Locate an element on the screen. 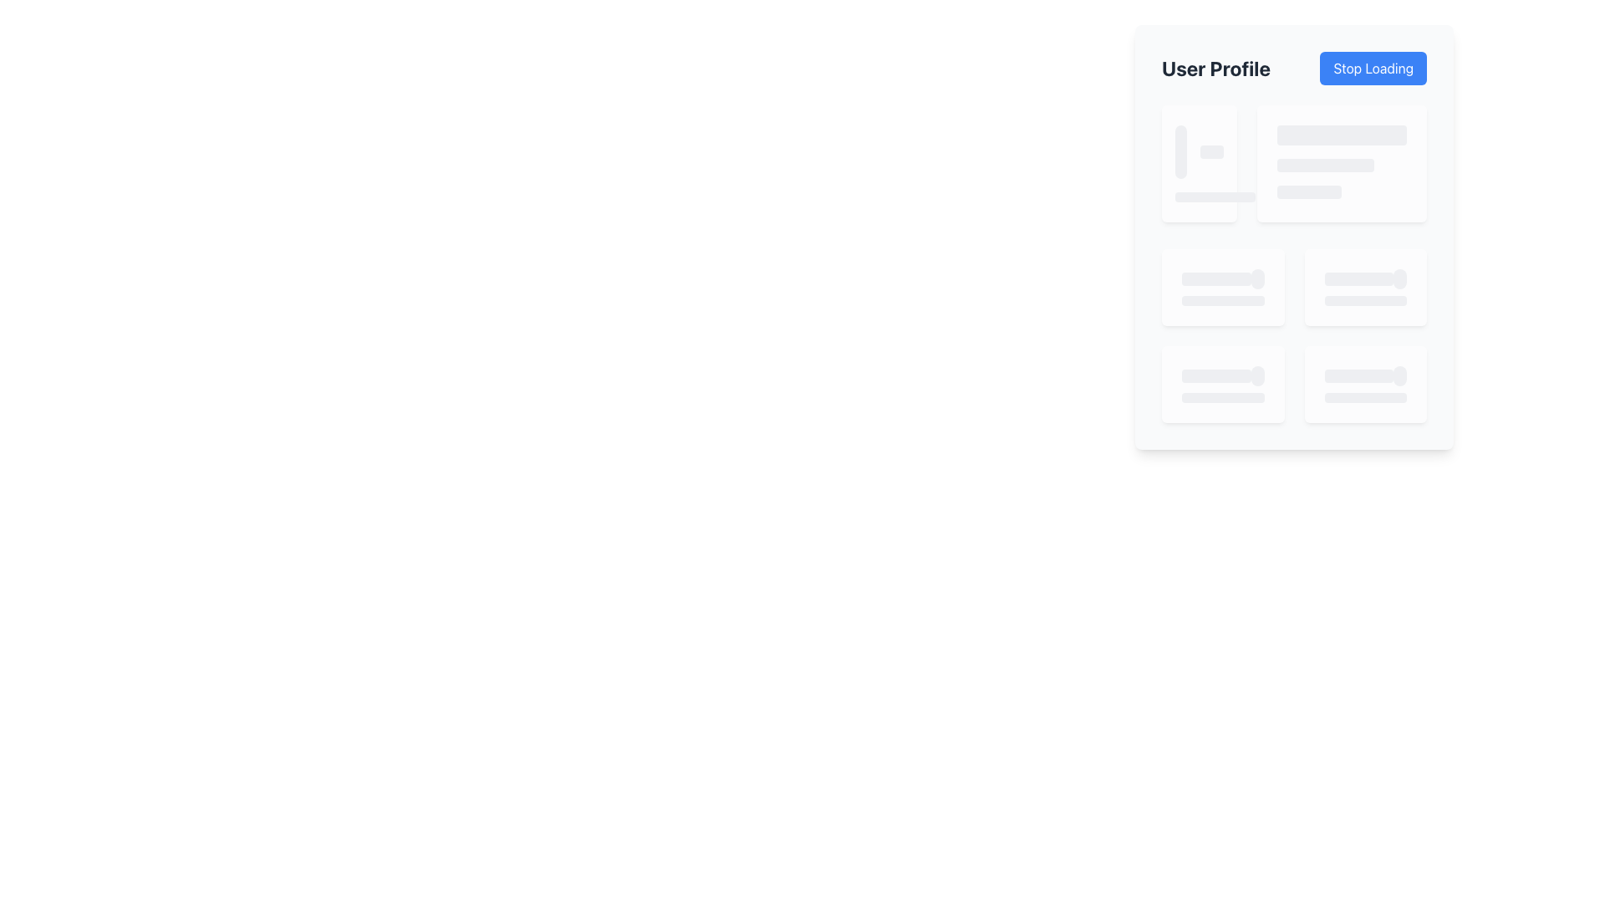 The width and height of the screenshot is (1605, 903). the slider value is located at coordinates (1205, 376).